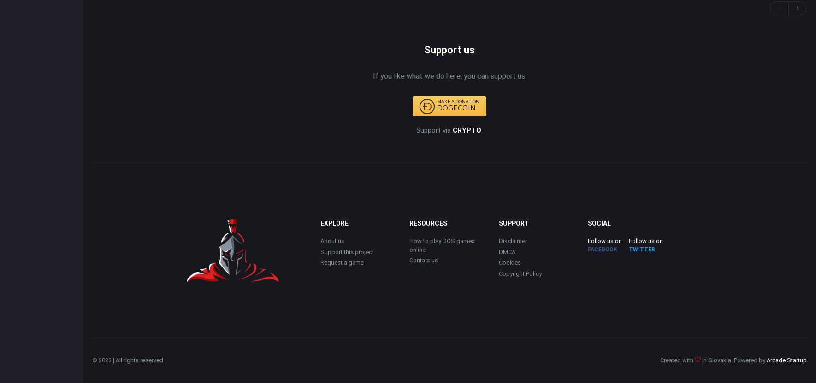  I want to click on 'EXPLORE', so click(334, 222).